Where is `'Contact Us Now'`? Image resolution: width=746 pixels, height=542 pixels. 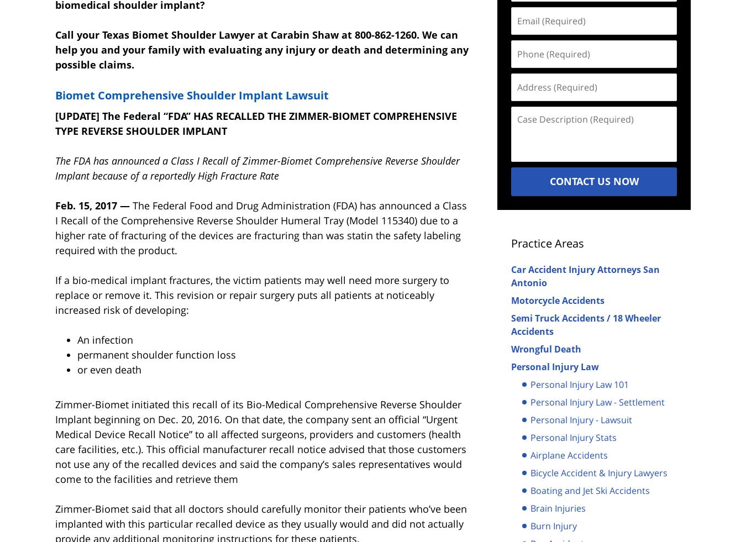
'Contact Us Now' is located at coordinates (593, 180).